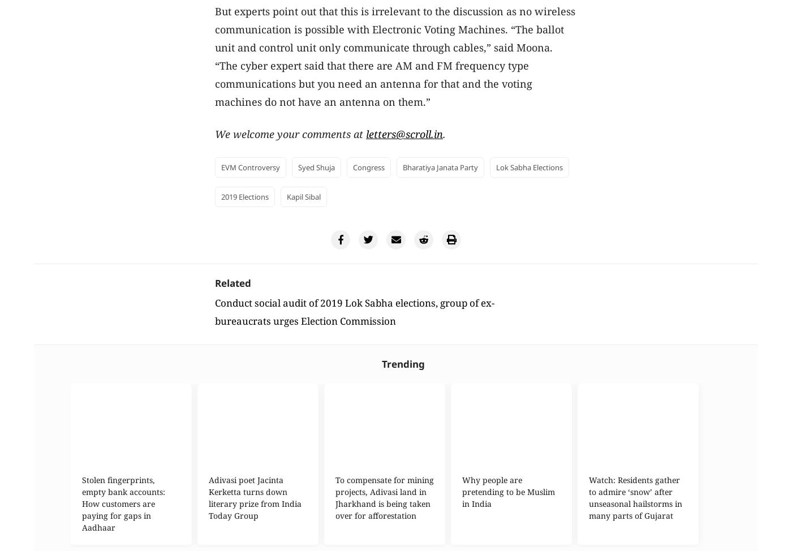 The image size is (792, 551). What do you see at coordinates (440, 166) in the screenshot?
I see `'Bharatiya Janata Party'` at bounding box center [440, 166].